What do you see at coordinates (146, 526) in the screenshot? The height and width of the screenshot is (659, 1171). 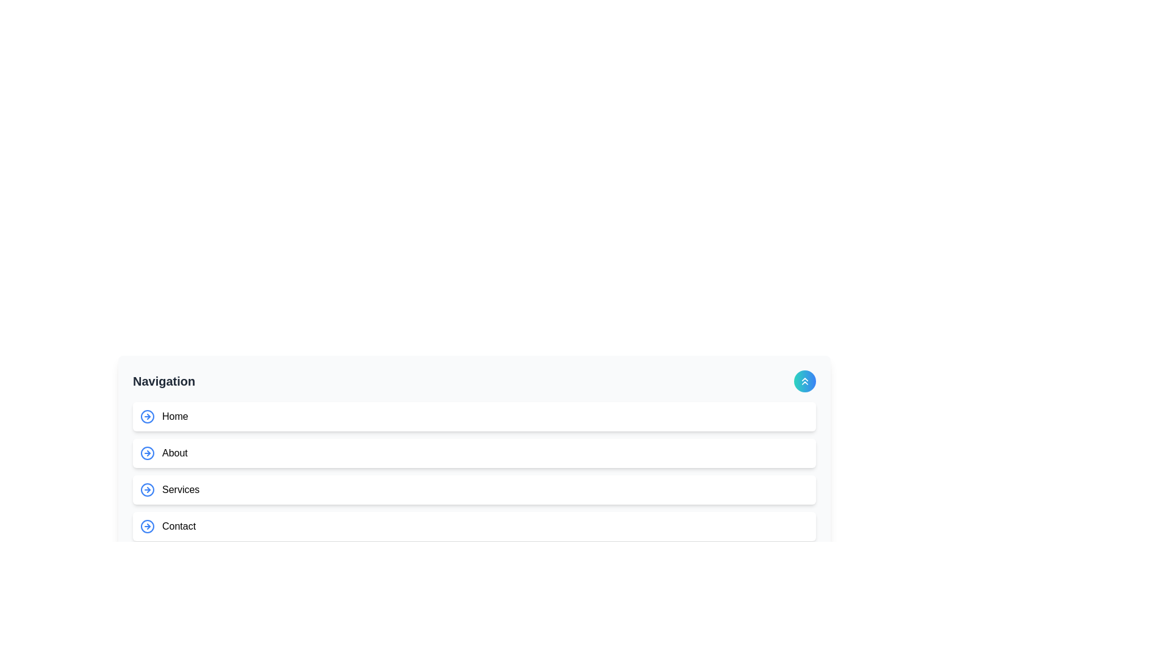 I see `the SVG circle element that serves as the visual identifier for the 'Contact' navigation option, positioned within the navigation list as the fourth item` at bounding box center [146, 526].